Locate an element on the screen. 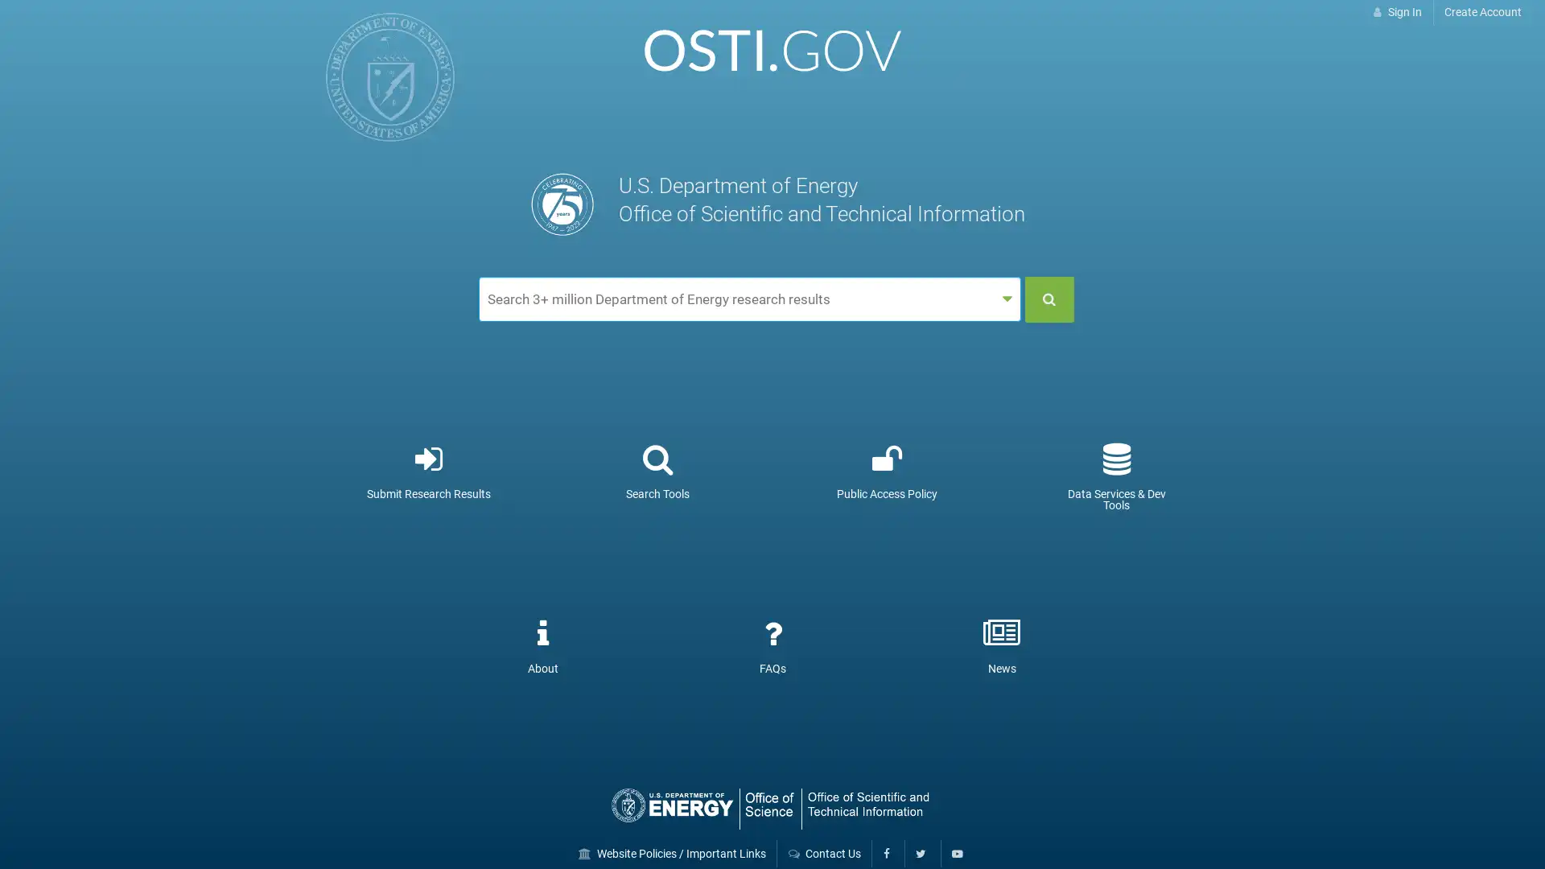 The width and height of the screenshot is (1545, 869). Submit is located at coordinates (1049, 299).